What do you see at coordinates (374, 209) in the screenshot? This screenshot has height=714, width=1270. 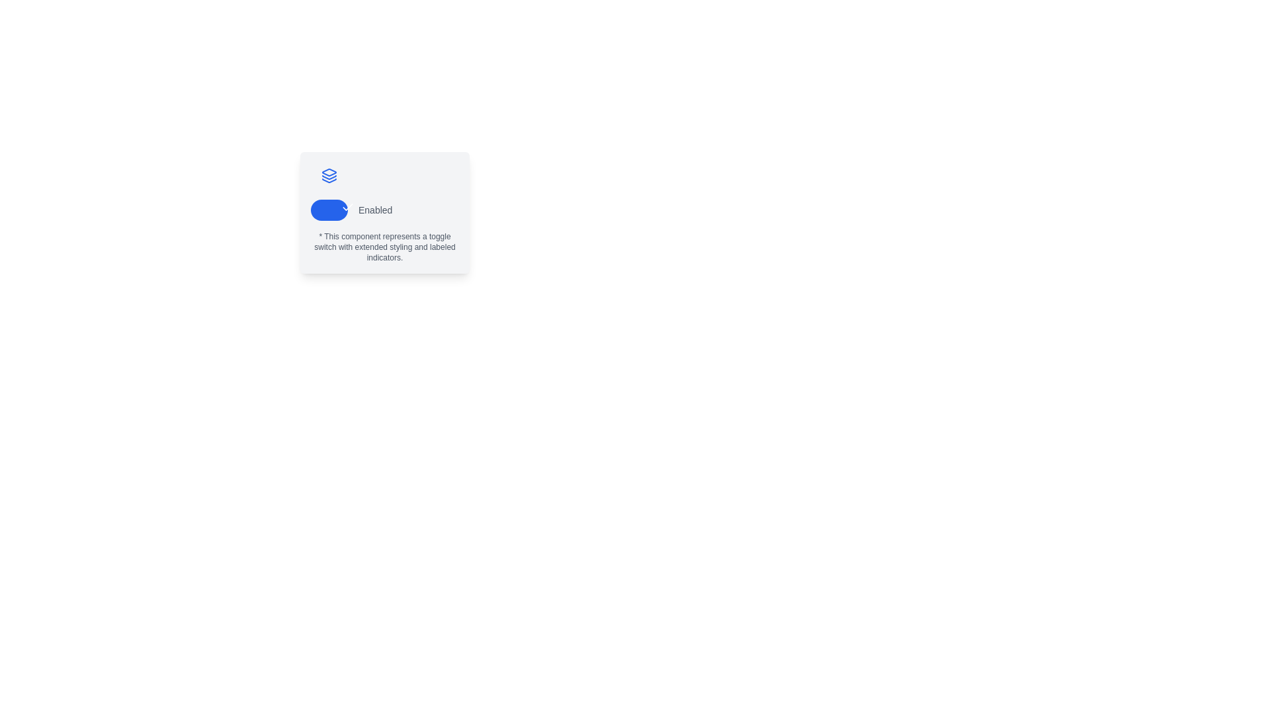 I see `the text label indicating the current state of the associated toggle switch, which is in the 'Enabled' state, located to the right of the toggle switch component` at bounding box center [374, 209].